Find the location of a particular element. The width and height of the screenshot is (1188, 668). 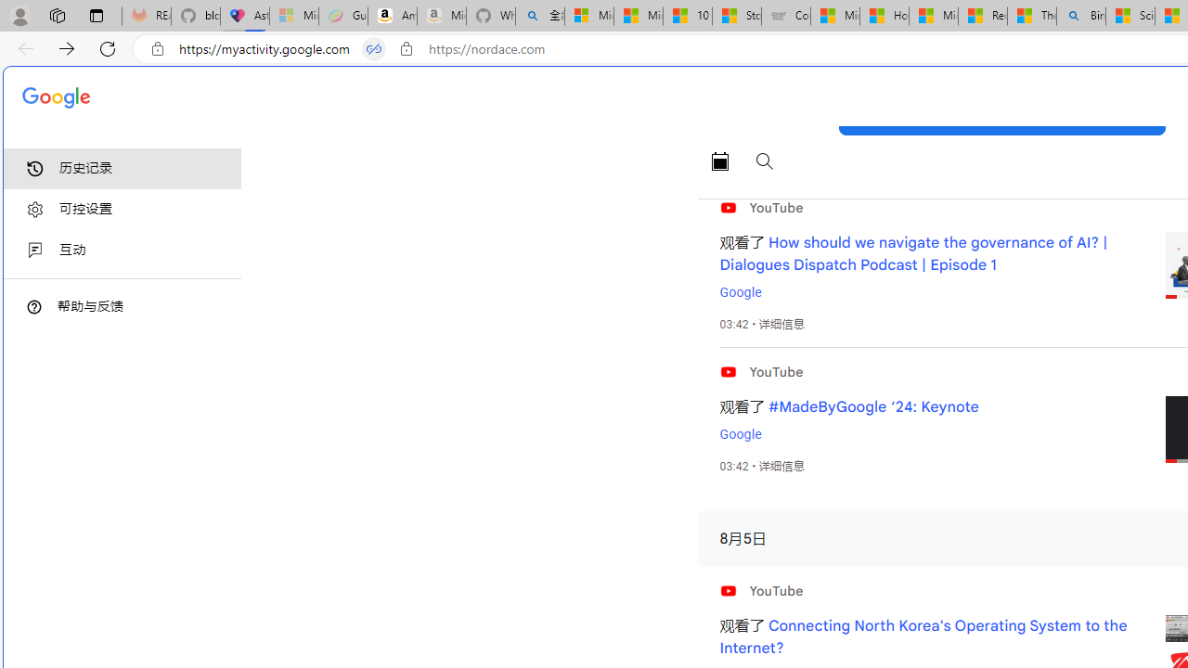

'Tabs in split screen' is located at coordinates (373, 48).